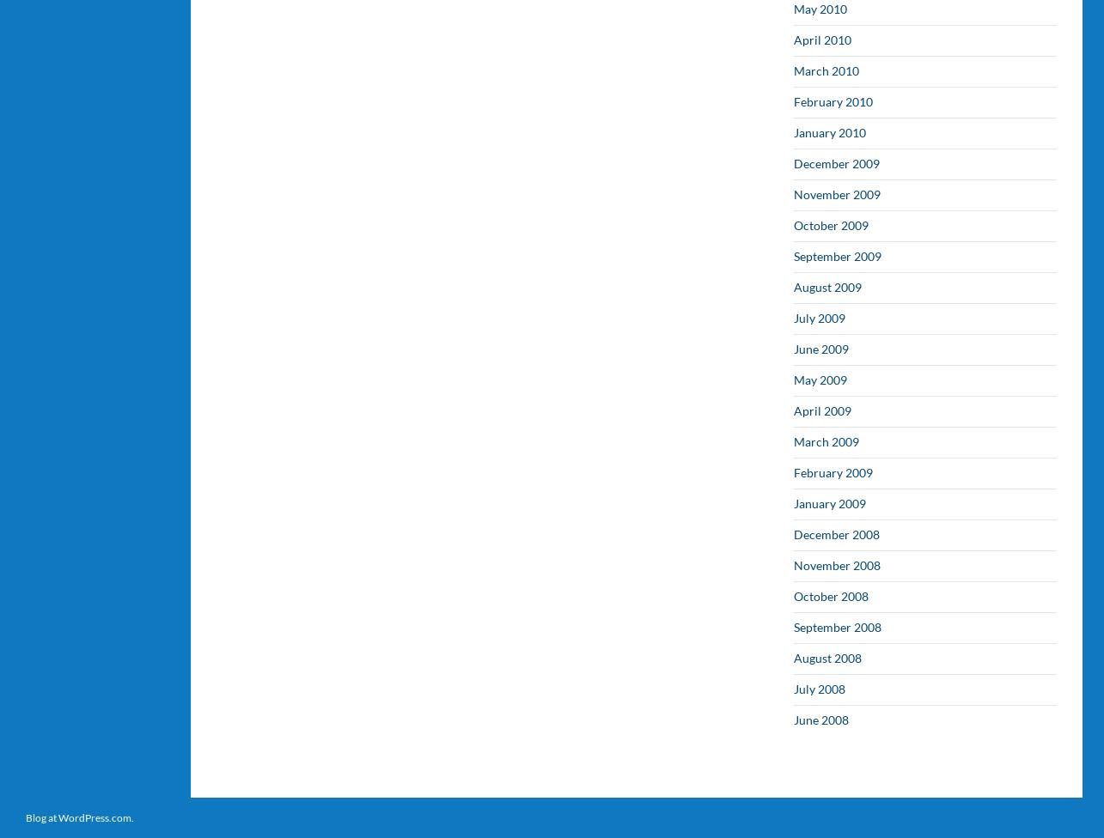  I want to click on 'January 2009', so click(830, 503).